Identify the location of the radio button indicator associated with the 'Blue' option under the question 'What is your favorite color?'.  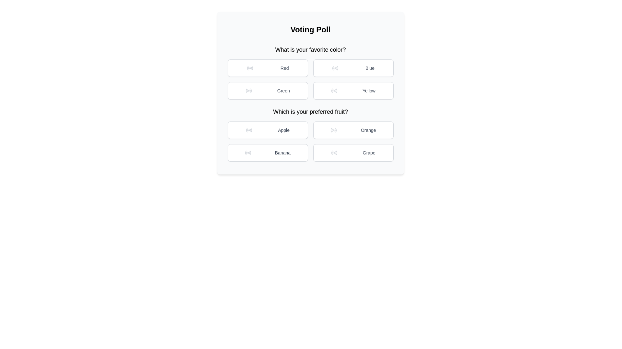
(335, 68).